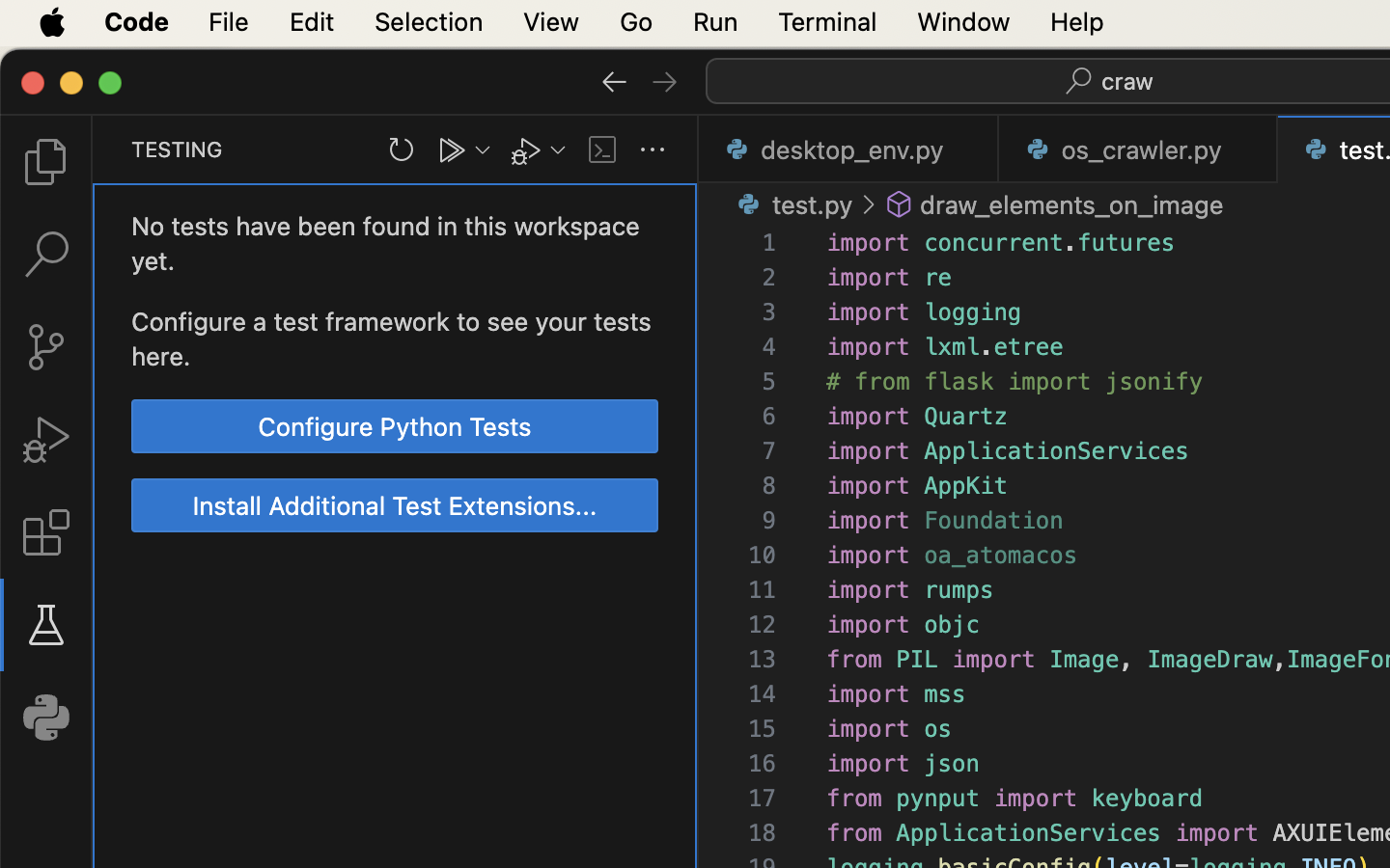 The width and height of the screenshot is (1390, 868). I want to click on 'TESTING', so click(178, 149).